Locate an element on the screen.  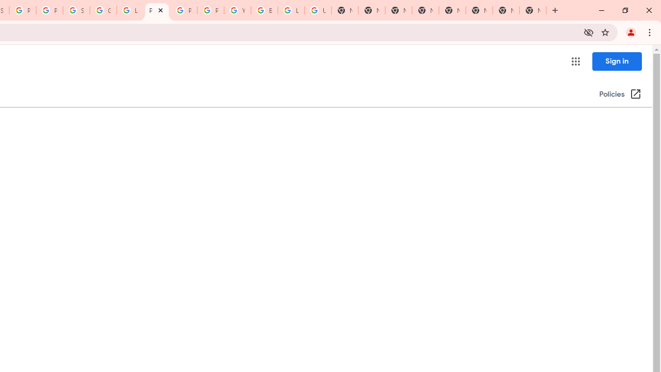
'Privacy Help Center - Policies Help' is located at coordinates (156, 10).